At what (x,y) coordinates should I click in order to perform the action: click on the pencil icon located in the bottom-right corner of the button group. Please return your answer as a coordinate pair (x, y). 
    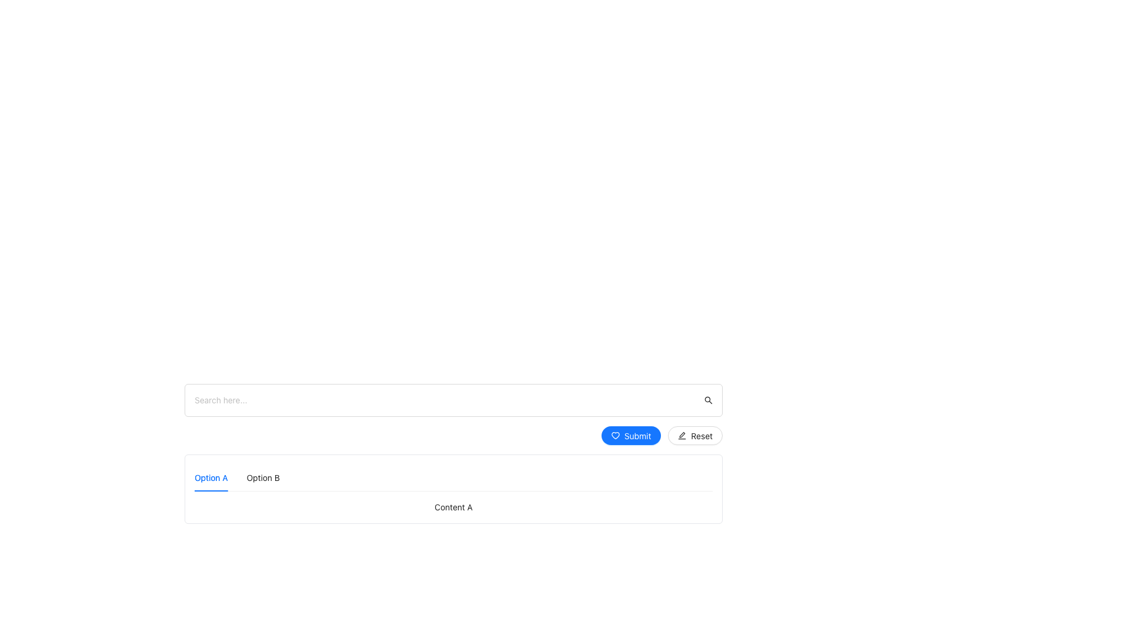
    Looking at the image, I should click on (682, 436).